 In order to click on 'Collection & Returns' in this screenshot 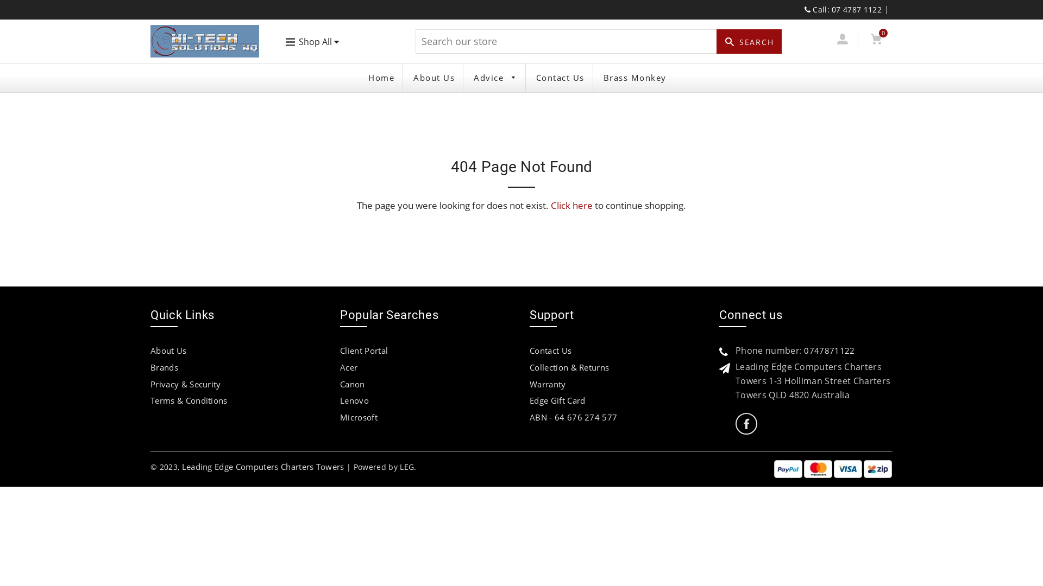, I will do `click(529, 367)`.